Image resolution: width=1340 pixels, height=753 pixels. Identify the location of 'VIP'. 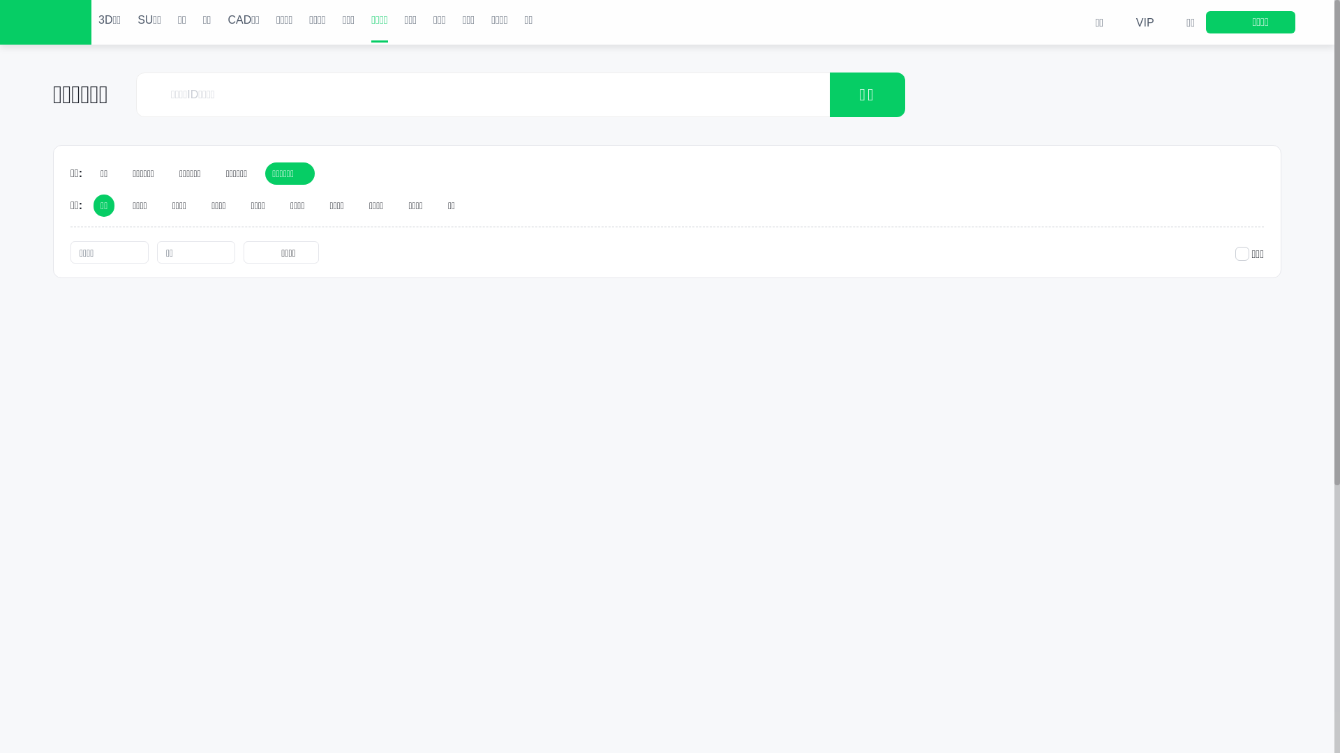
(1134, 22).